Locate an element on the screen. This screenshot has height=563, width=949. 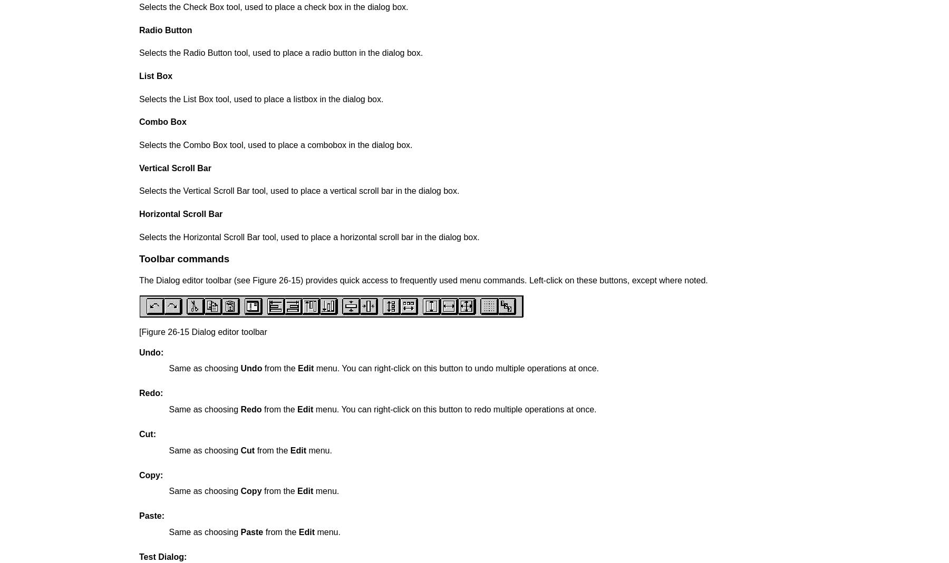
'Combo Box' is located at coordinates (162, 121).